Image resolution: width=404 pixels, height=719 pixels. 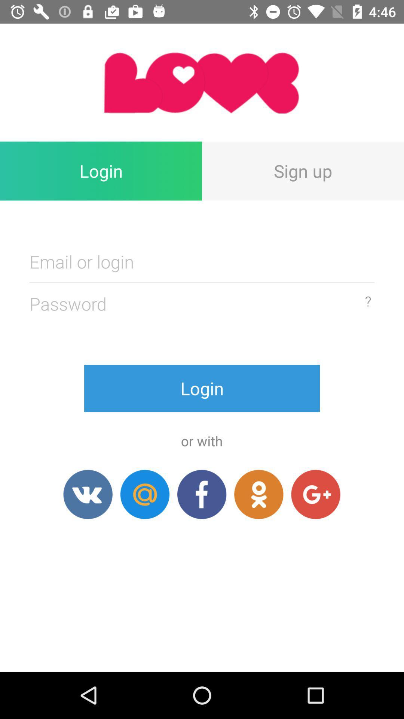 I want to click on icon on the right, so click(x=367, y=301).